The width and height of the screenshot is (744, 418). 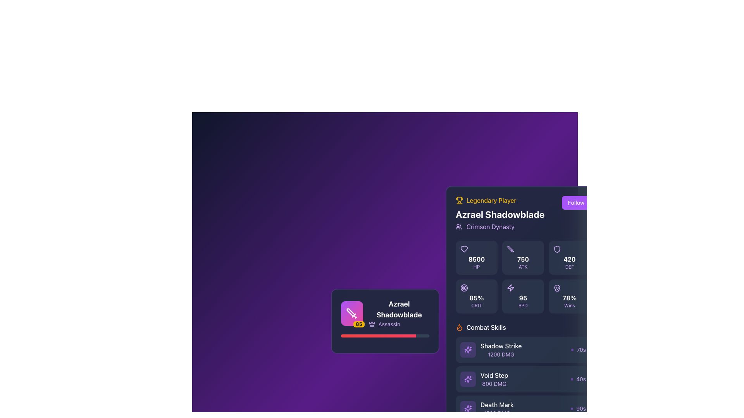 What do you see at coordinates (500, 200) in the screenshot?
I see `the 'Legendary Player' label with the yellow trophy icon located in the top-left corner of the right panel, which highlights a player's details` at bounding box center [500, 200].